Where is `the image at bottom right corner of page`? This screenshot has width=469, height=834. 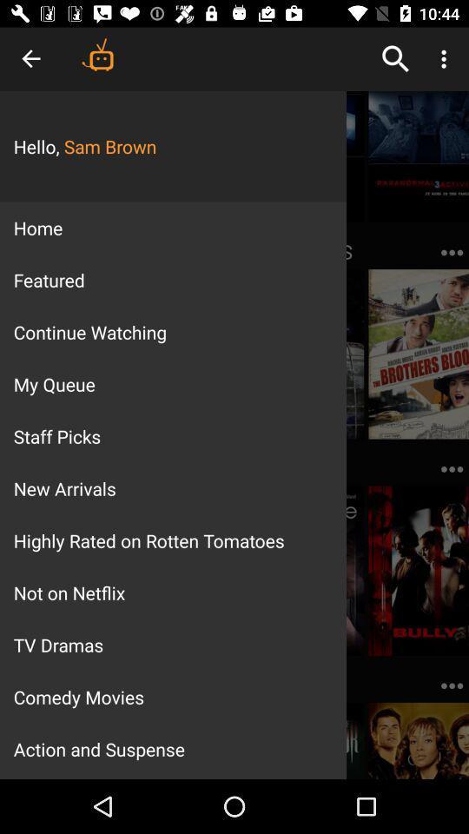
the image at bottom right corner of page is located at coordinates (418, 739).